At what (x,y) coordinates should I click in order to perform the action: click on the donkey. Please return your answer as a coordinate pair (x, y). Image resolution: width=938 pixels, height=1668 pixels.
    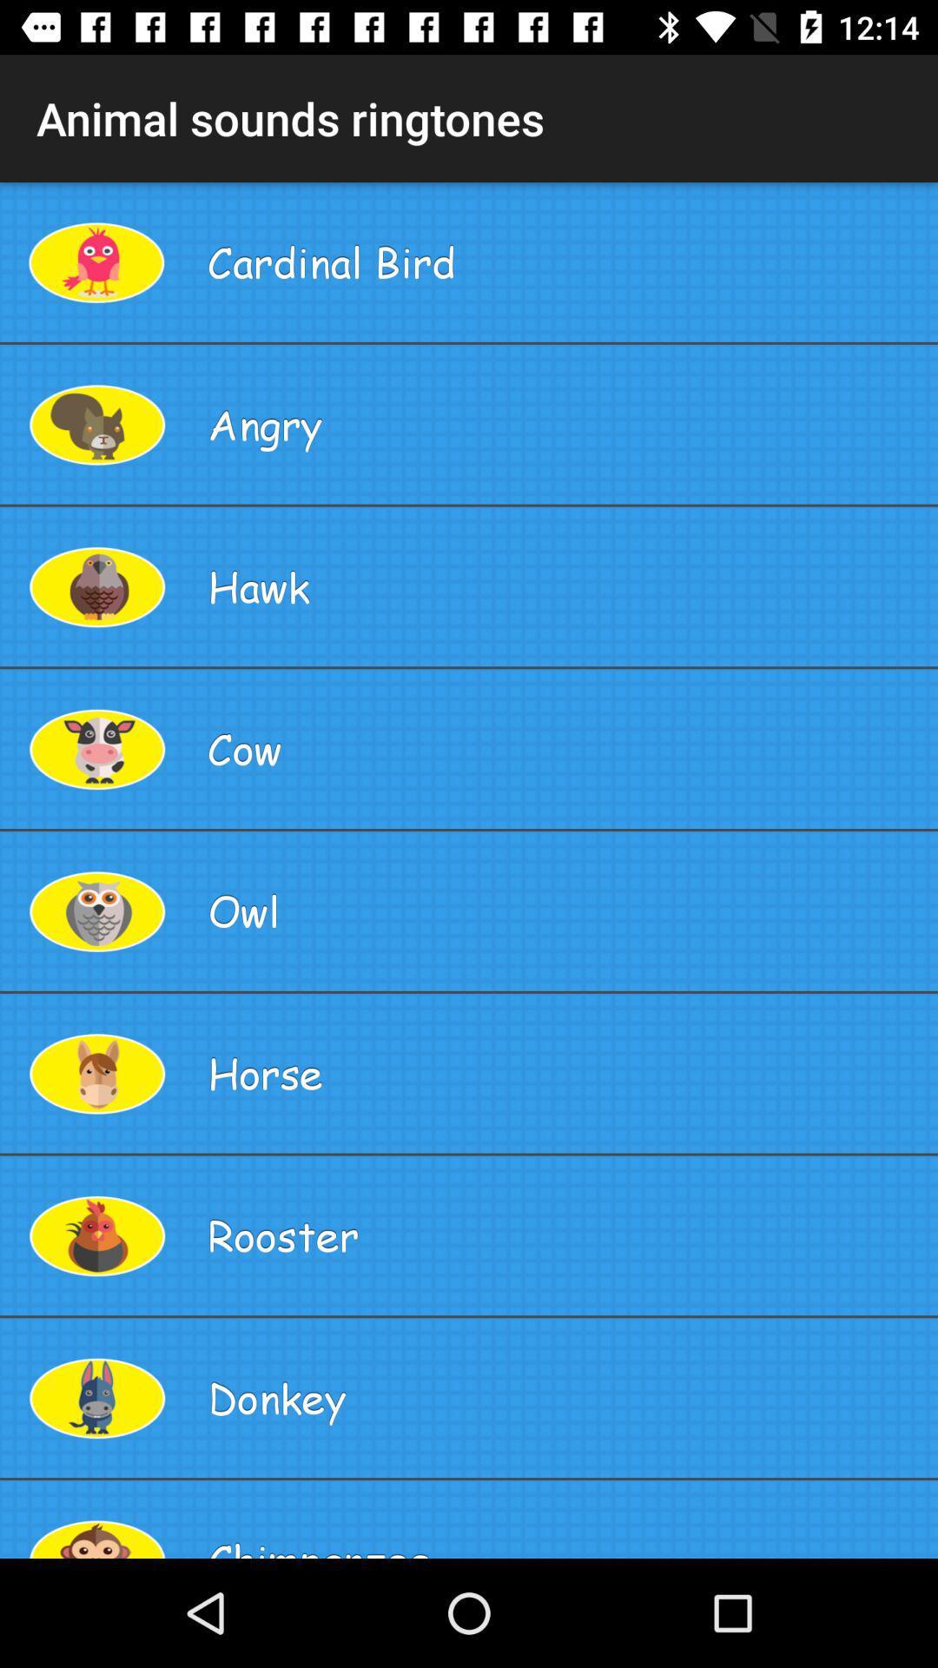
    Looking at the image, I should click on (565, 1398).